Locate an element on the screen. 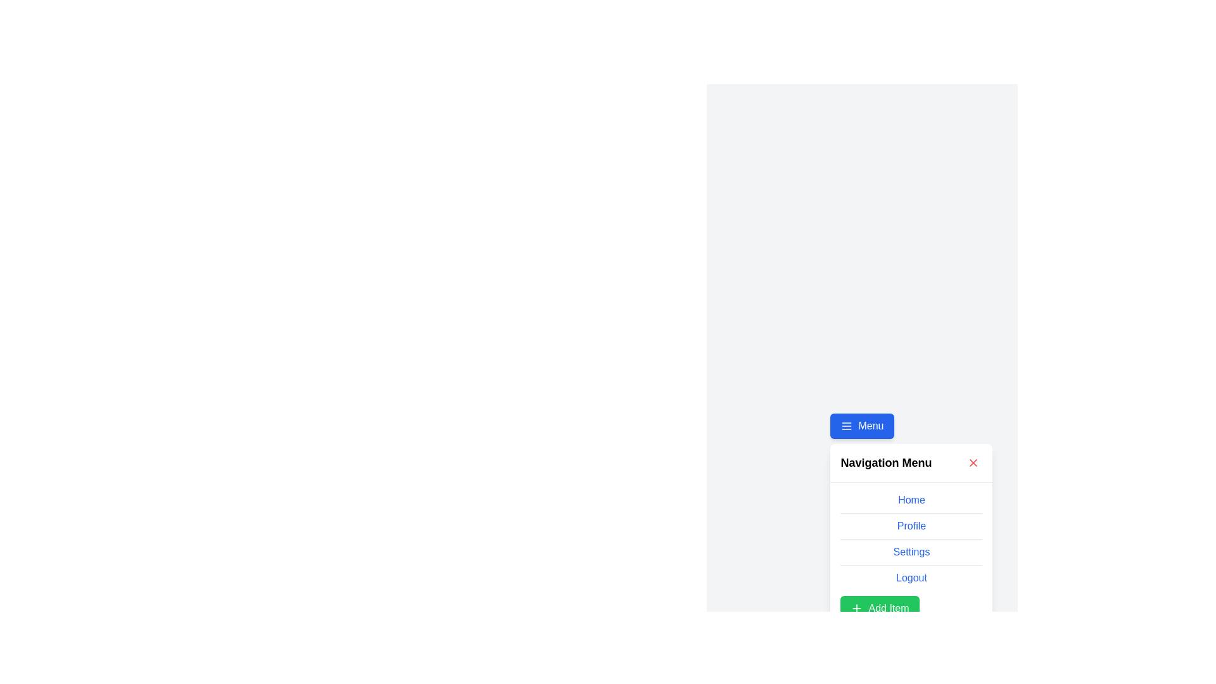 This screenshot has width=1216, height=684. the three-line menu toggle icon located within the blue 'Menu' button to interact with the menu functionality is located at coordinates (847, 426).